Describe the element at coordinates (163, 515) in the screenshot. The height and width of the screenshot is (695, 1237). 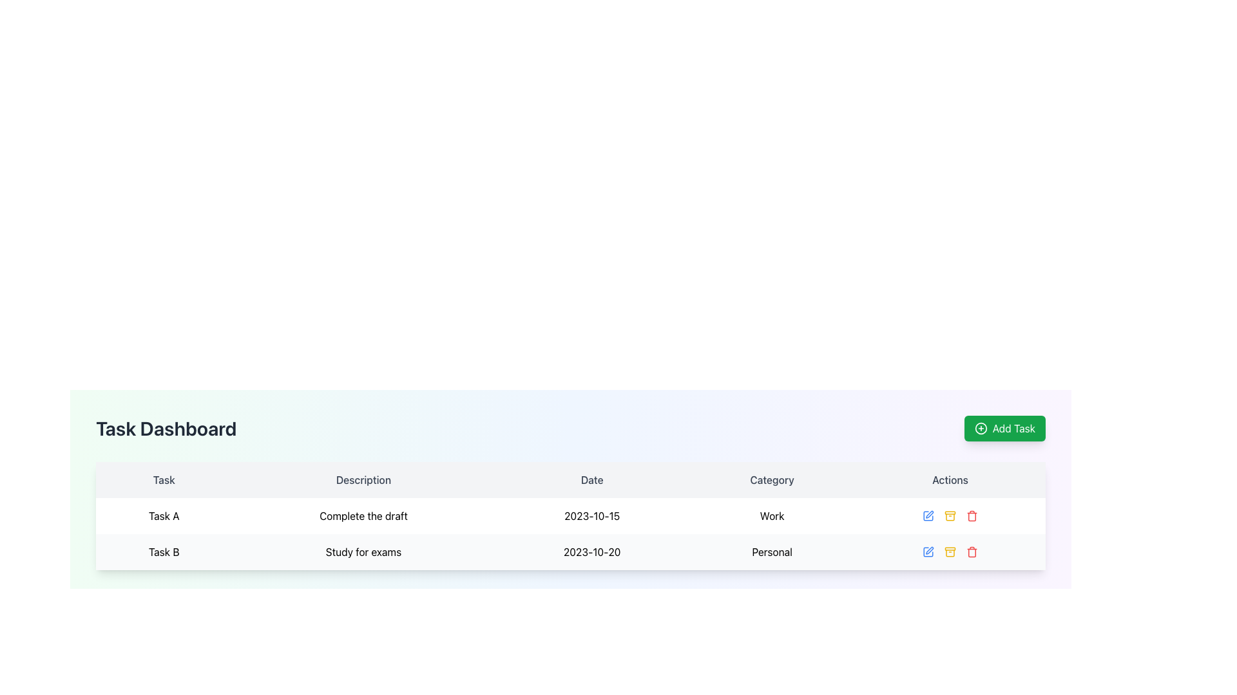
I see `the text label containing 'Task A' in the first column of the top row of the table under the 'Task' heading` at that location.